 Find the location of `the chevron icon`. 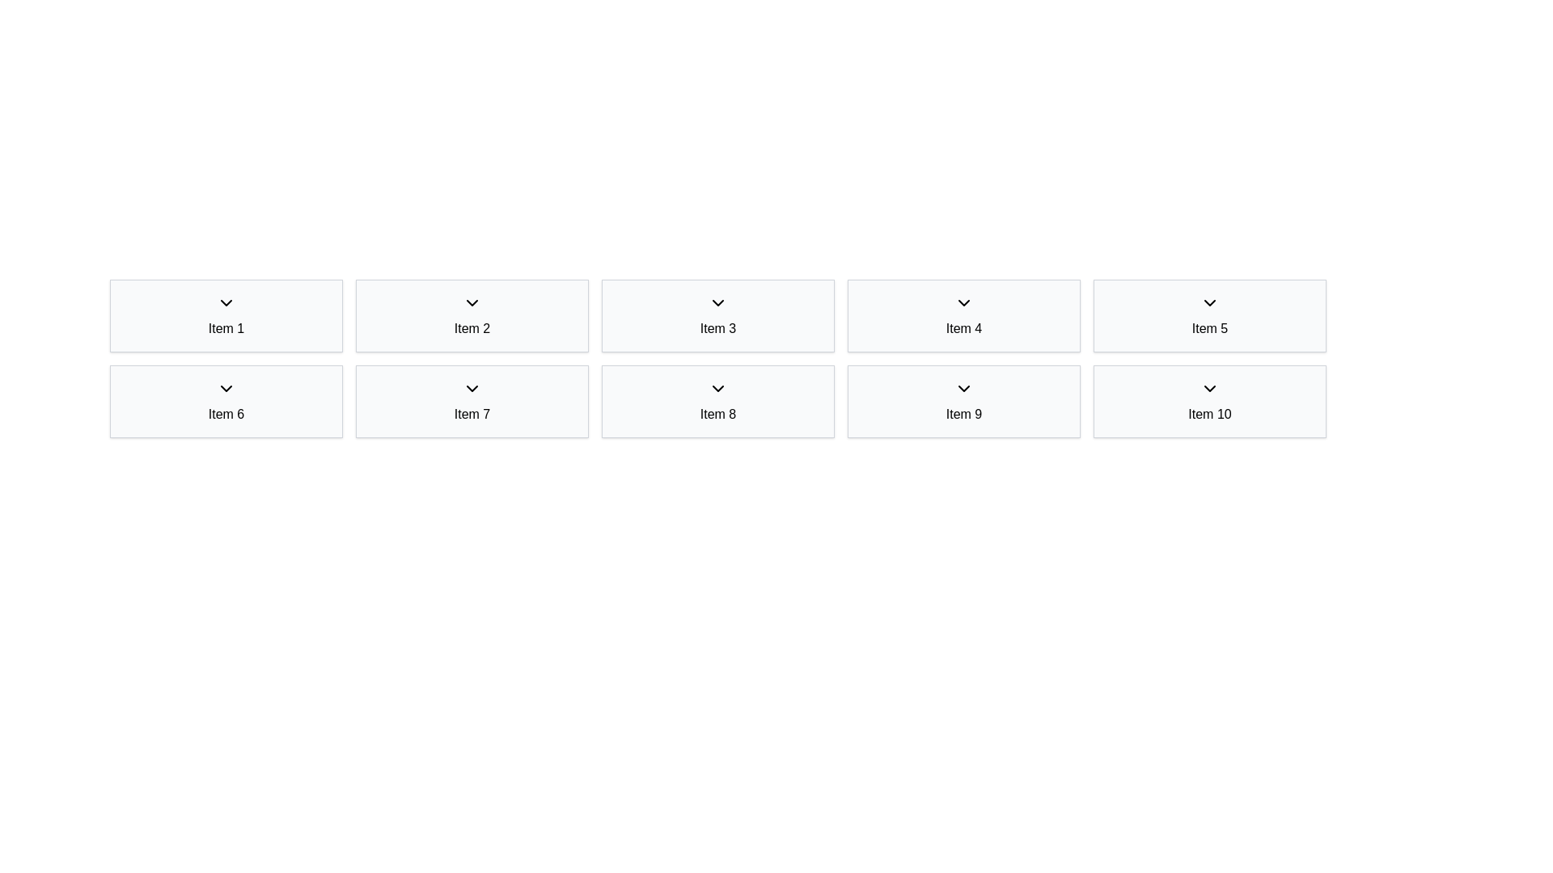

the chevron icon is located at coordinates (717, 389).